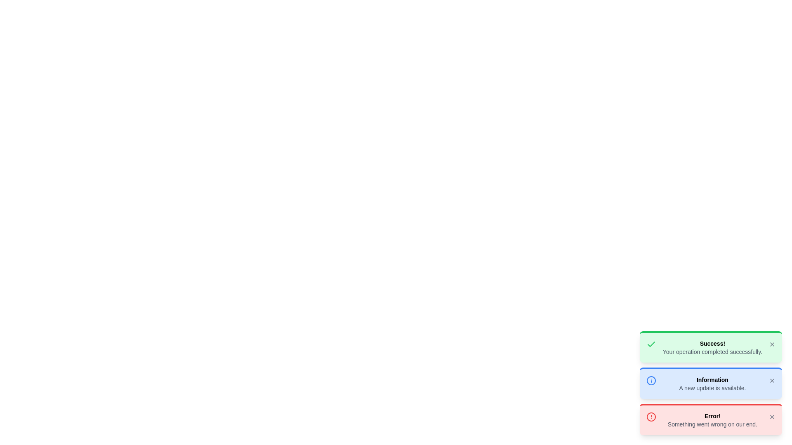 The width and height of the screenshot is (792, 445). I want to click on the informational icon located within the blue rectangular card labeled 'Information', positioned to the left of the text 'Information' and 'A new update is available', so click(651, 381).